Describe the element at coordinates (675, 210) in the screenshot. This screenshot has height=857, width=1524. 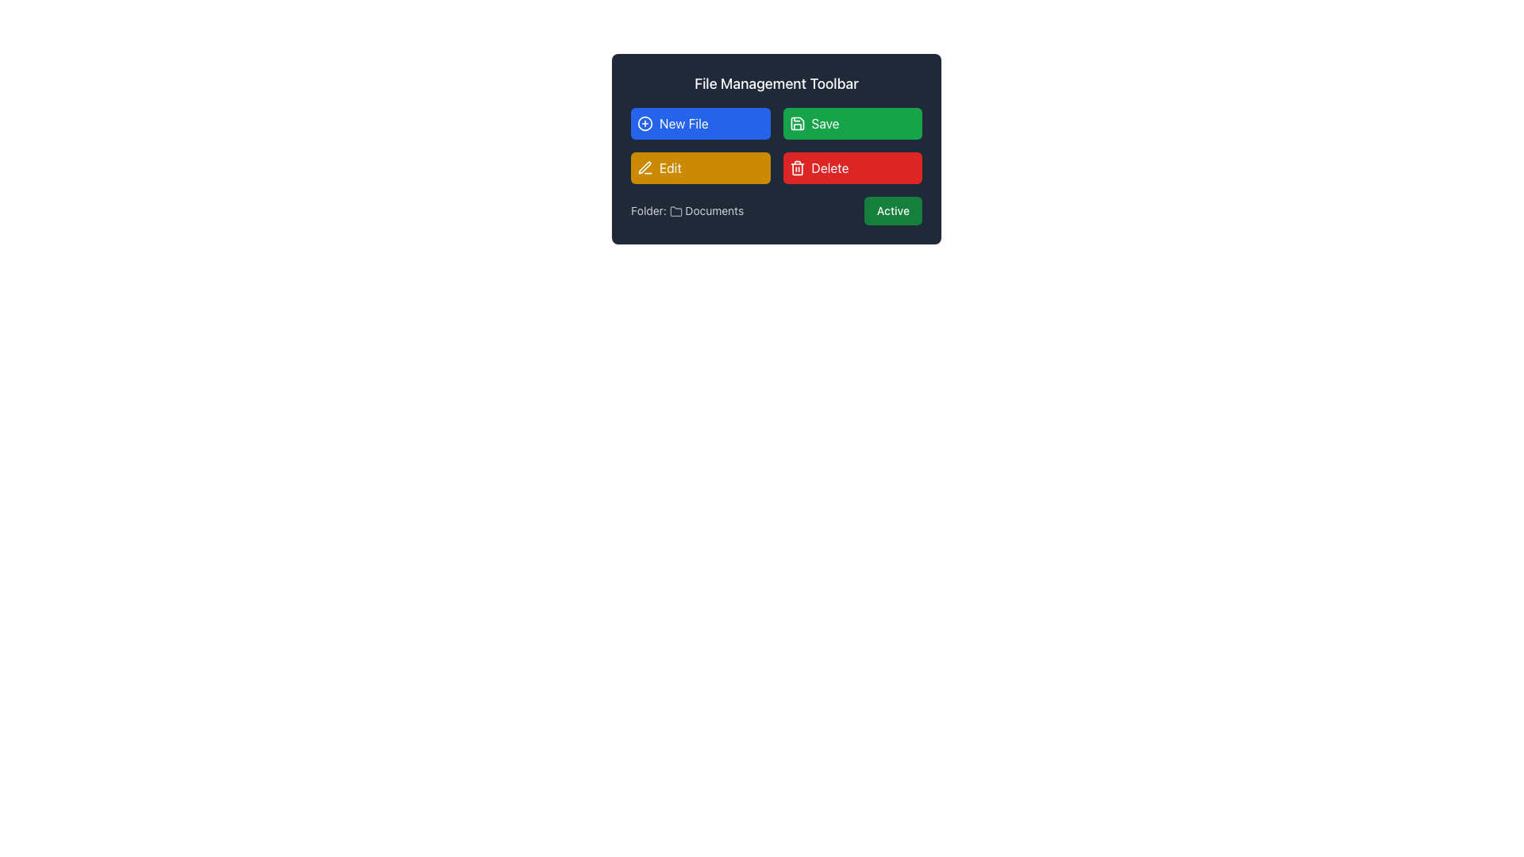
I see `the folder icon located in the 'File Management Toolbar' just before the text 'Documents' in the section labeled 'Folder: '` at that location.